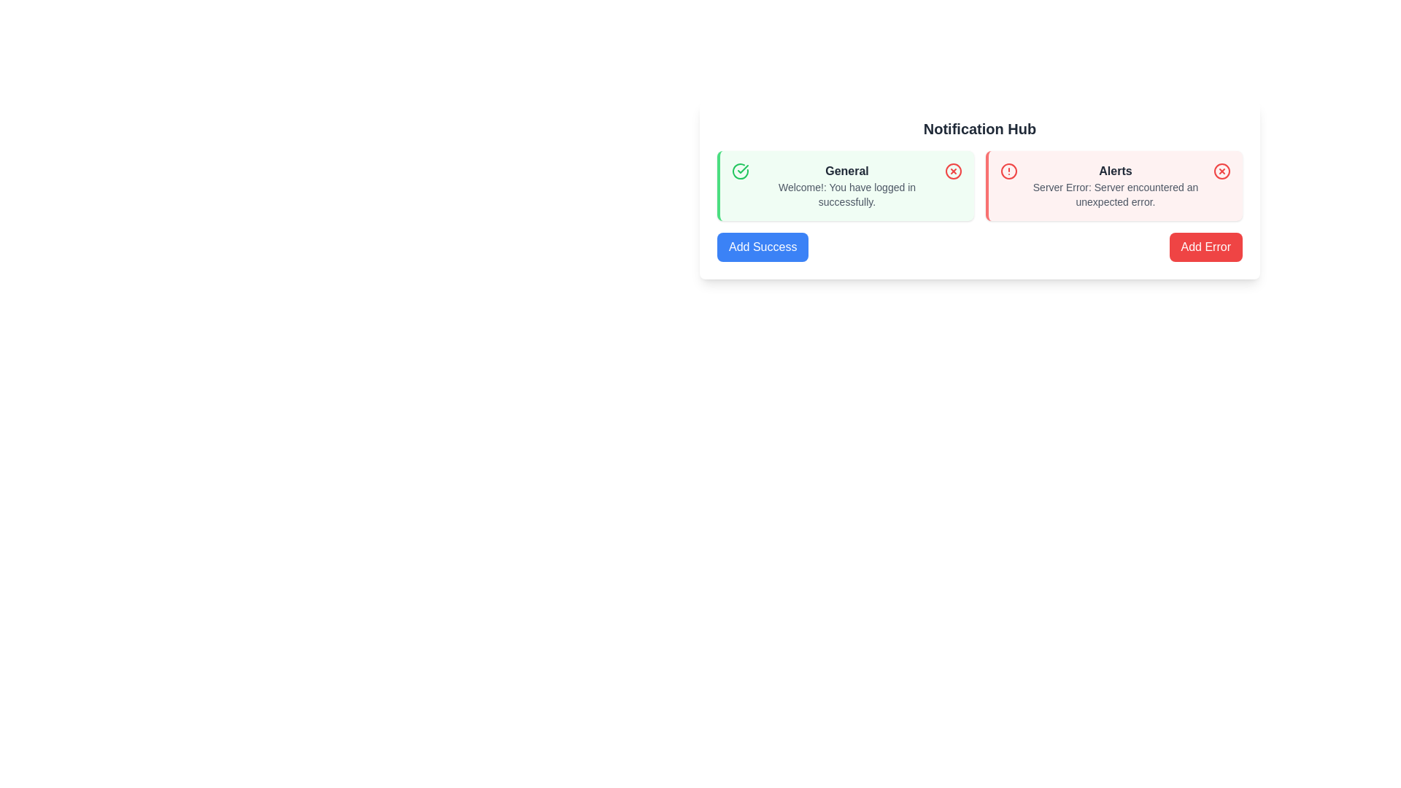 The height and width of the screenshot is (788, 1401). I want to click on the content of the Notification alert box that informs users about a server error, located to the right of the General alert box, so click(1115, 185).